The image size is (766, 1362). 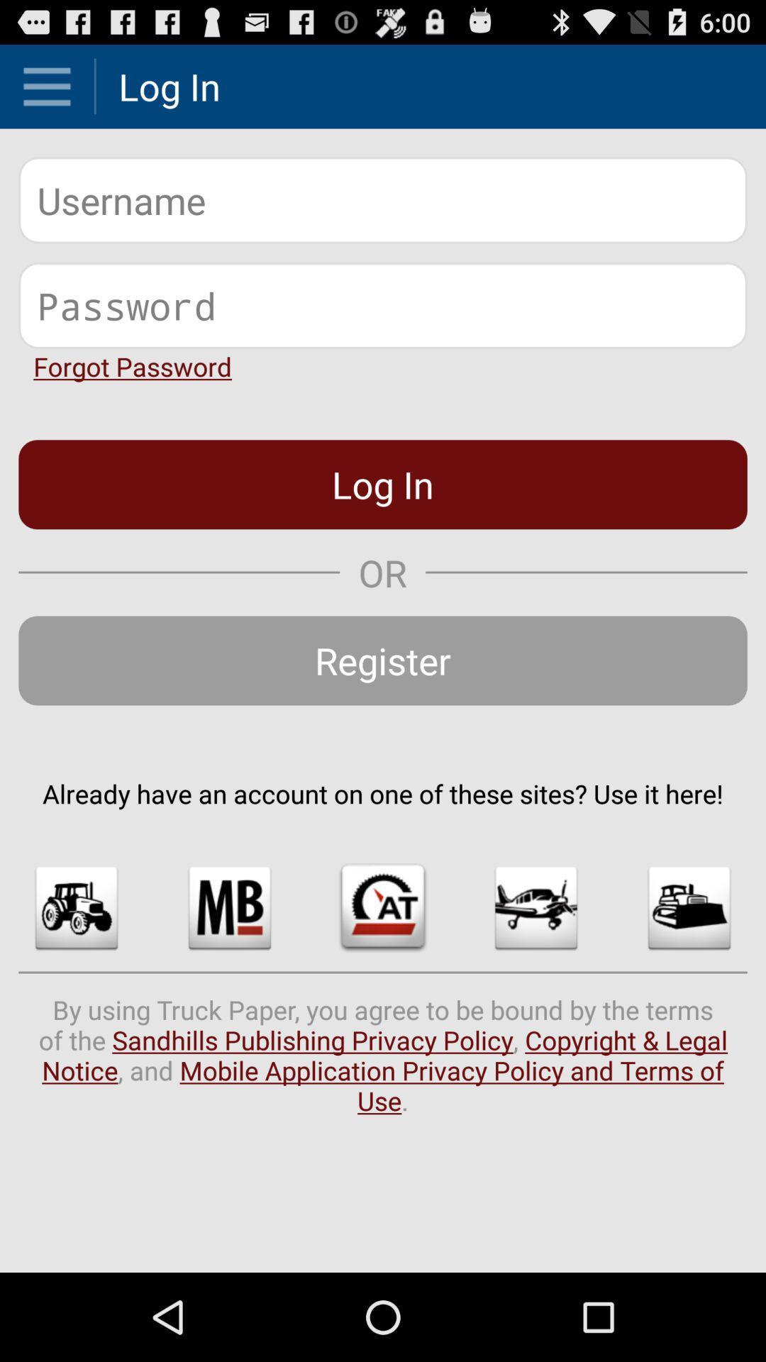 I want to click on mb account, so click(x=229, y=908).